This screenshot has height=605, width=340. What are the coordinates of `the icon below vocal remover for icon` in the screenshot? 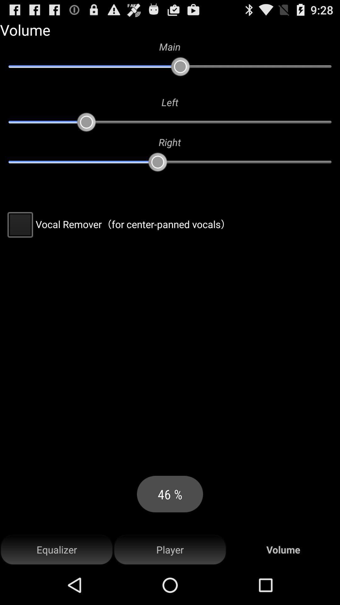 It's located at (170, 550).